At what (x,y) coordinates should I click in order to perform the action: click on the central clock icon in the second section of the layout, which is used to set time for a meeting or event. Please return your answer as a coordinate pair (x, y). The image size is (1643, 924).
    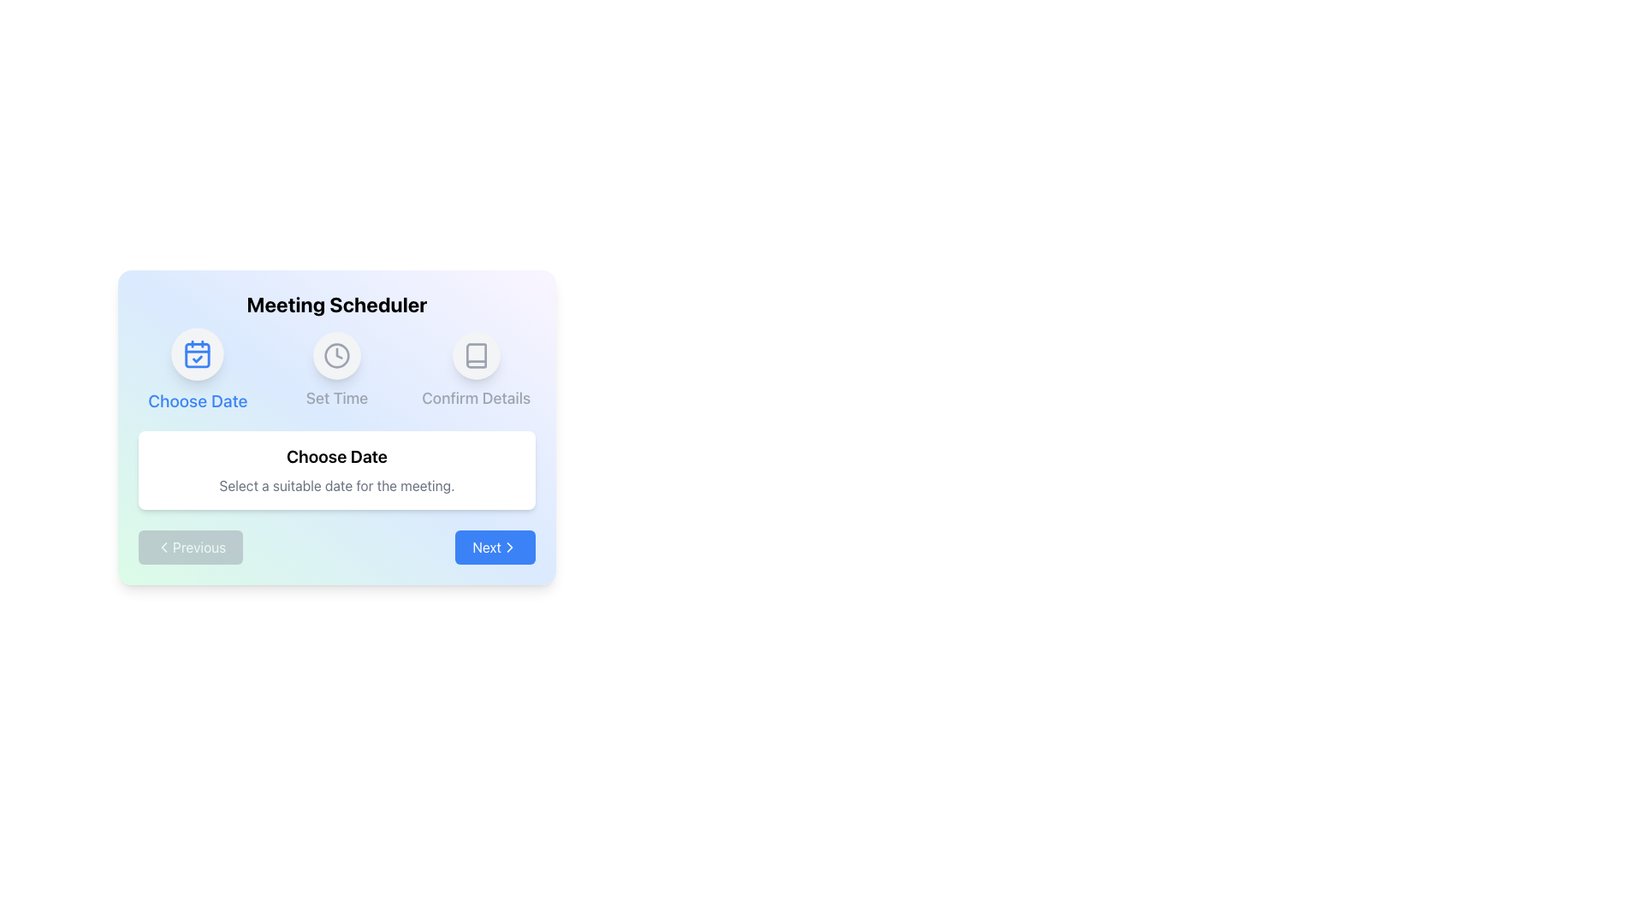
    Looking at the image, I should click on (336, 355).